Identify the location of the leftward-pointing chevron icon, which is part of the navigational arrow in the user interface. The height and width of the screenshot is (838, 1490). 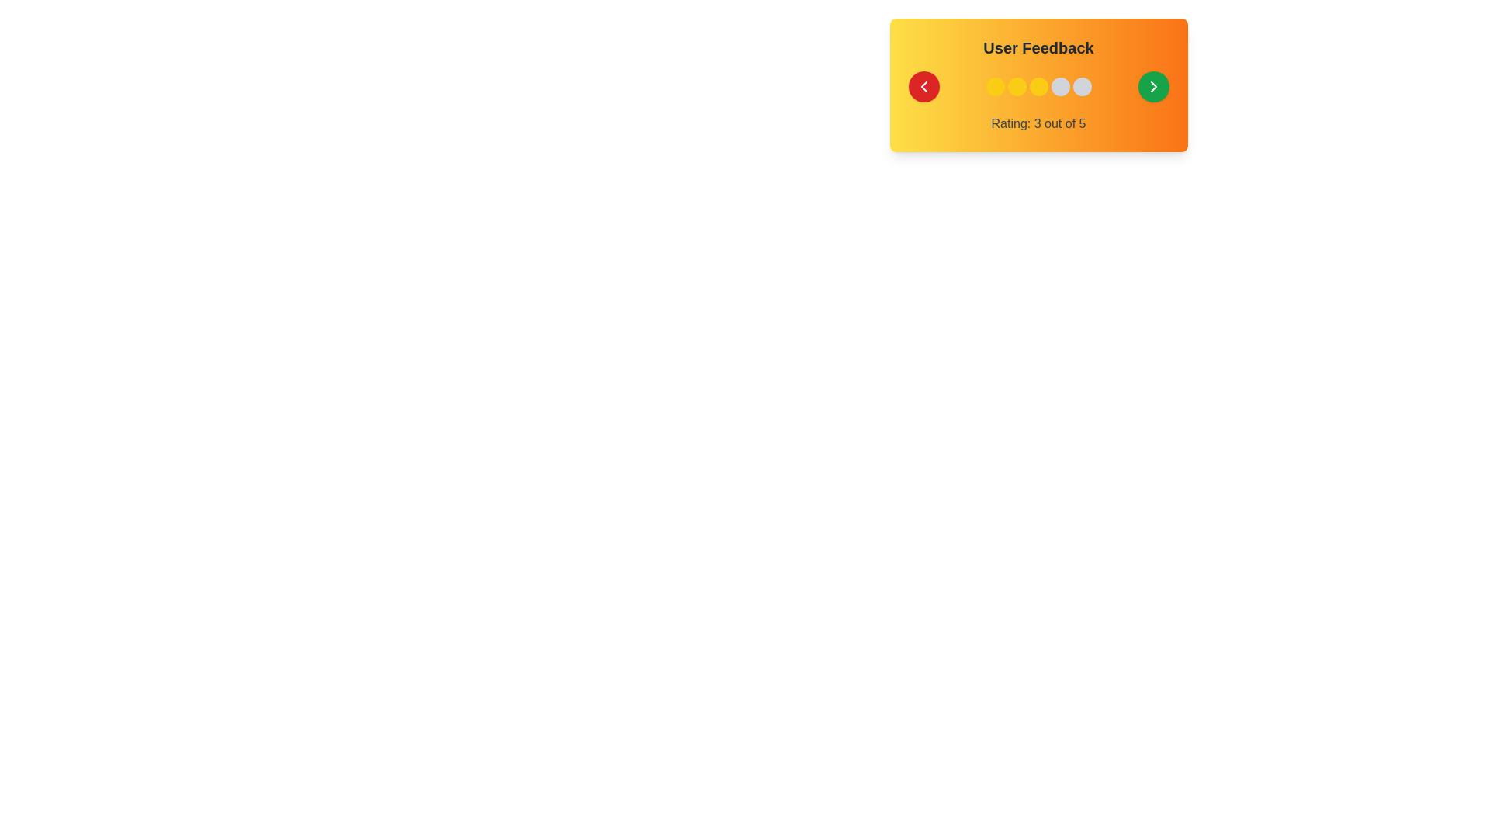
(923, 86).